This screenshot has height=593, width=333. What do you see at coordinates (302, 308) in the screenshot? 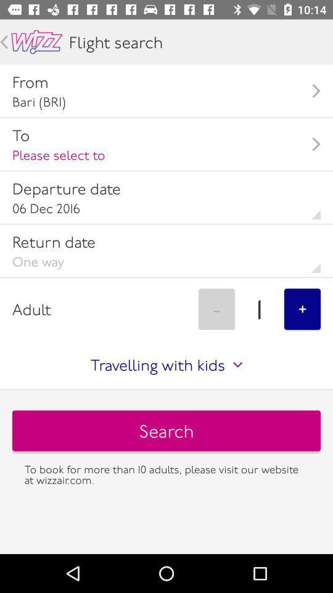
I see `+ item` at bounding box center [302, 308].